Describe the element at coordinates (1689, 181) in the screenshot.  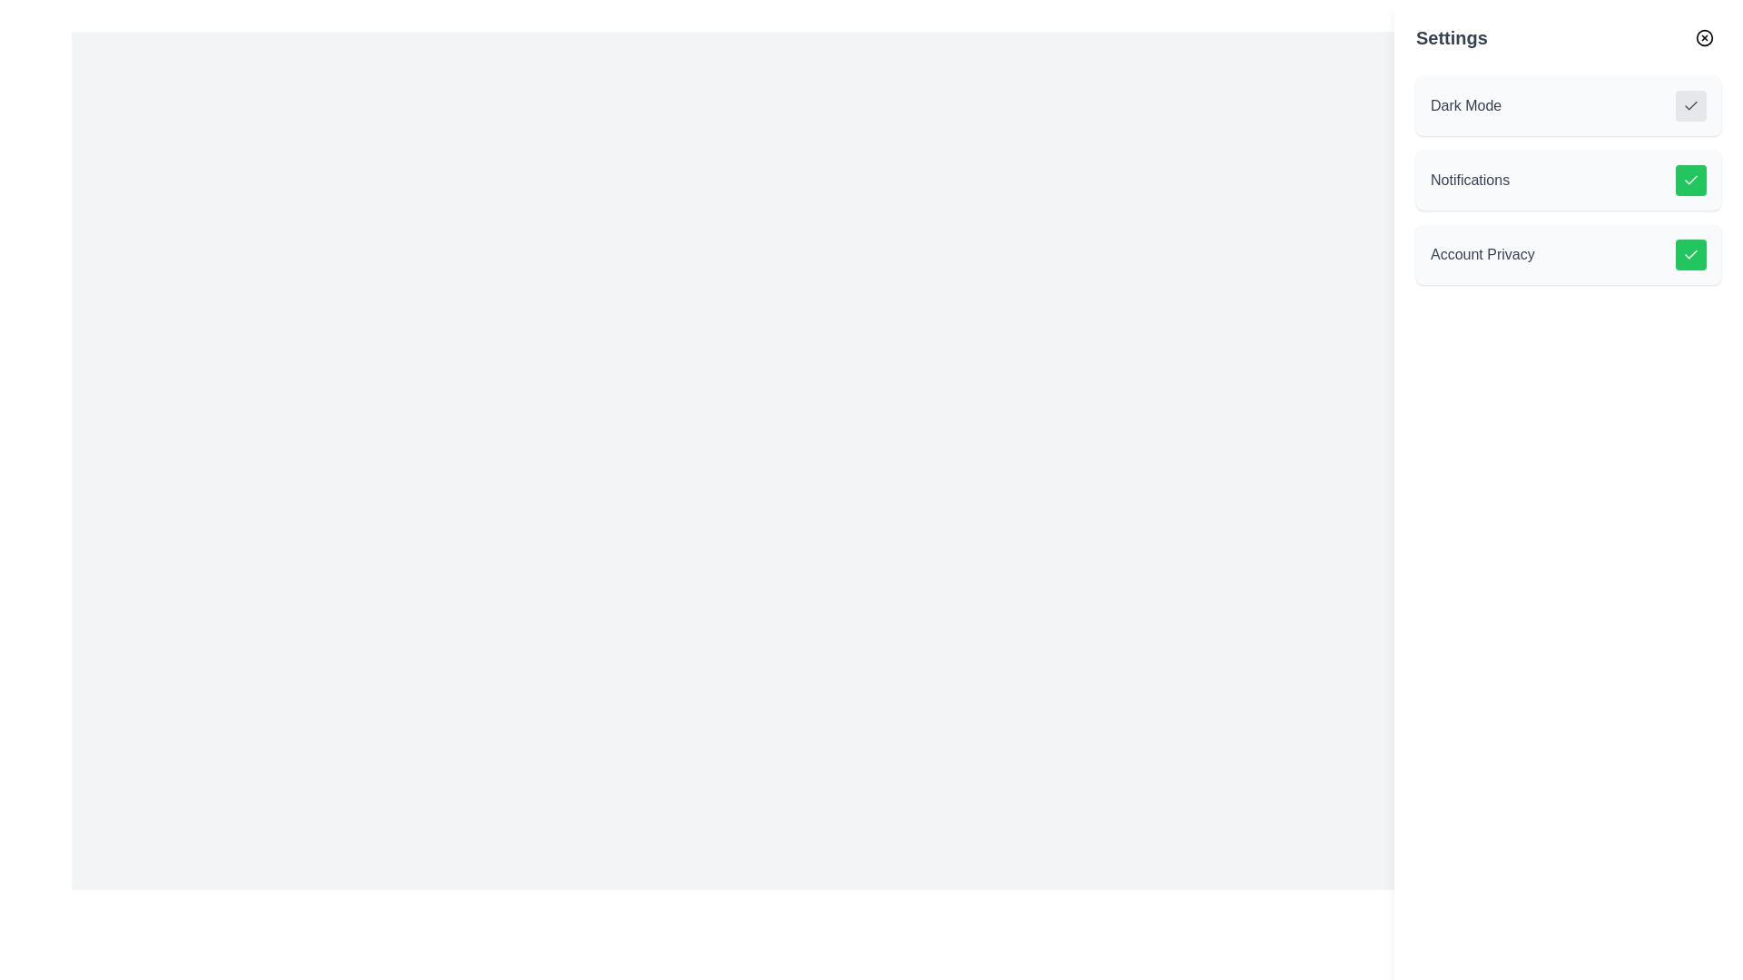
I see `the checkmark icon with a green background within the 'Notifications' setting row in the settings menu interface` at that location.